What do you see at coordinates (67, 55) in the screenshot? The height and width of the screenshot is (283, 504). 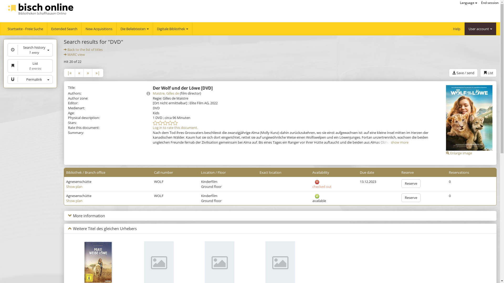 I see `'MARC view'` at bounding box center [67, 55].